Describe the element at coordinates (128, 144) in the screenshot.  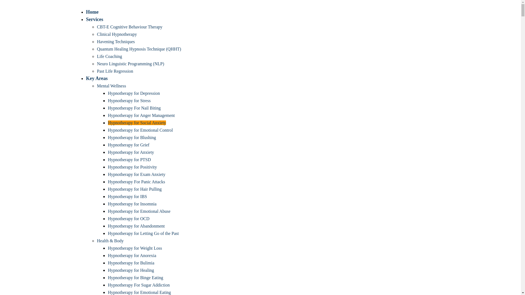
I see `'Hypnotherapy for Grief'` at that location.